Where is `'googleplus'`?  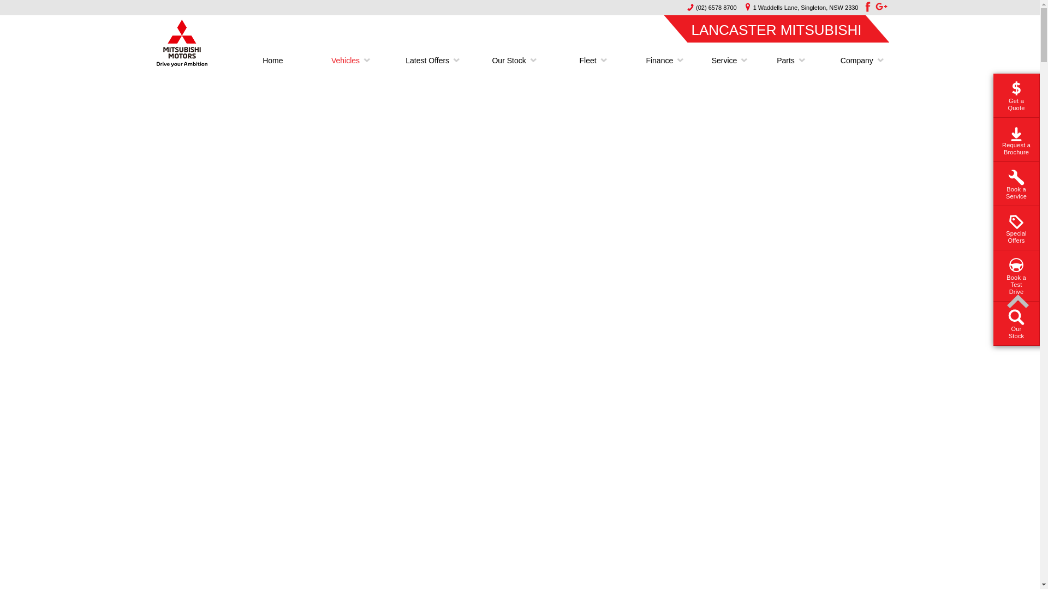
'googleplus' is located at coordinates (881, 6).